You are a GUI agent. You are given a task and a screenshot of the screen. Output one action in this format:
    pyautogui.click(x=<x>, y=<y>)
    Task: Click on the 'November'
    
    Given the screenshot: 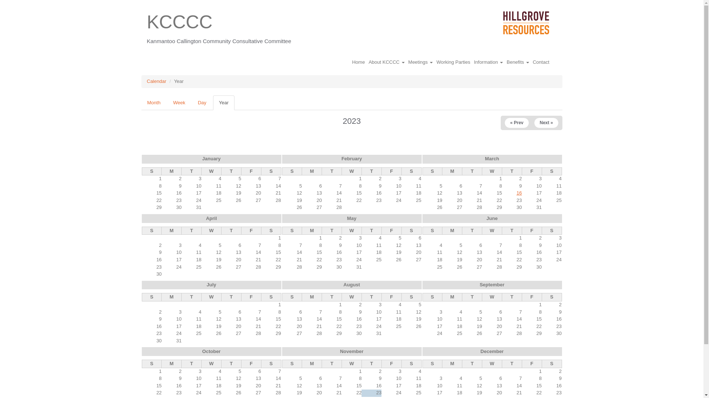 What is the action you would take?
    pyautogui.click(x=352, y=351)
    